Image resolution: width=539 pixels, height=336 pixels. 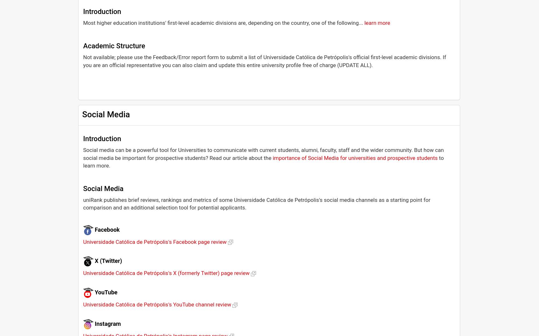 What do you see at coordinates (264, 61) in the screenshot?
I see `'Not available; please use the Feedback/Error report form to submit a list of Universidade Católica de Petrópolis's official first-level academic divisions. If you are an official representative you can also claim and update this entire university profile free of charge (UPDATE ALL).'` at bounding box center [264, 61].